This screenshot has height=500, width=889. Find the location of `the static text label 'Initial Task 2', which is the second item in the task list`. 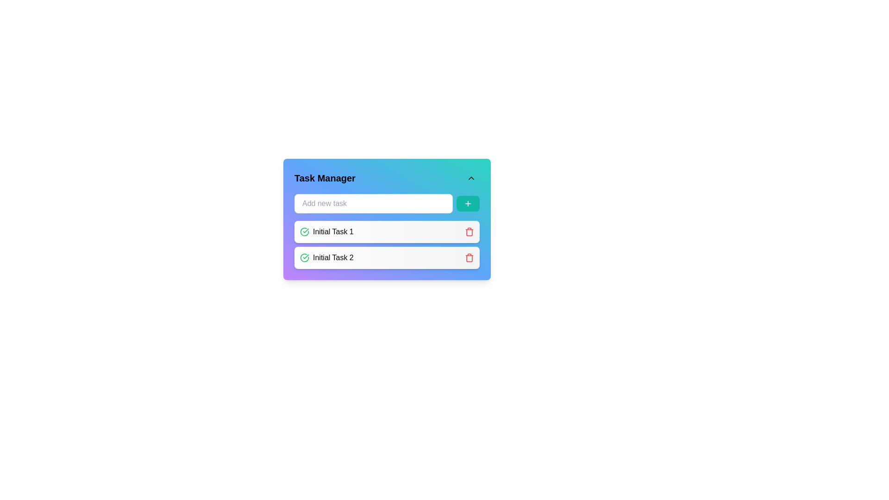

the static text label 'Initial Task 2', which is the second item in the task list is located at coordinates (333, 257).